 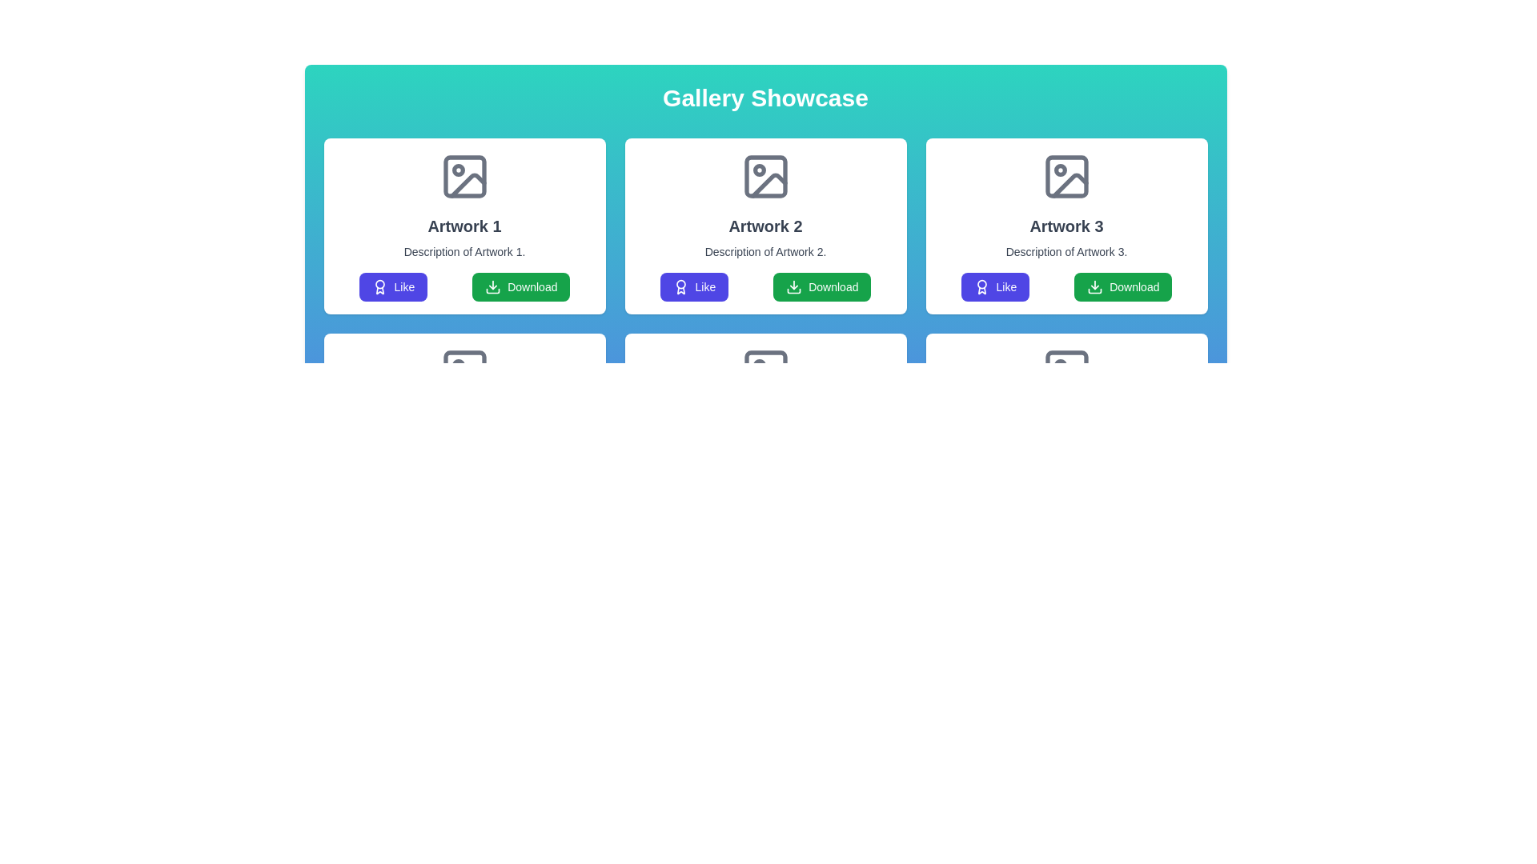 What do you see at coordinates (393, 286) in the screenshot?
I see `the first button in the lower section of 'Artwork 1' card to like the associated artwork` at bounding box center [393, 286].